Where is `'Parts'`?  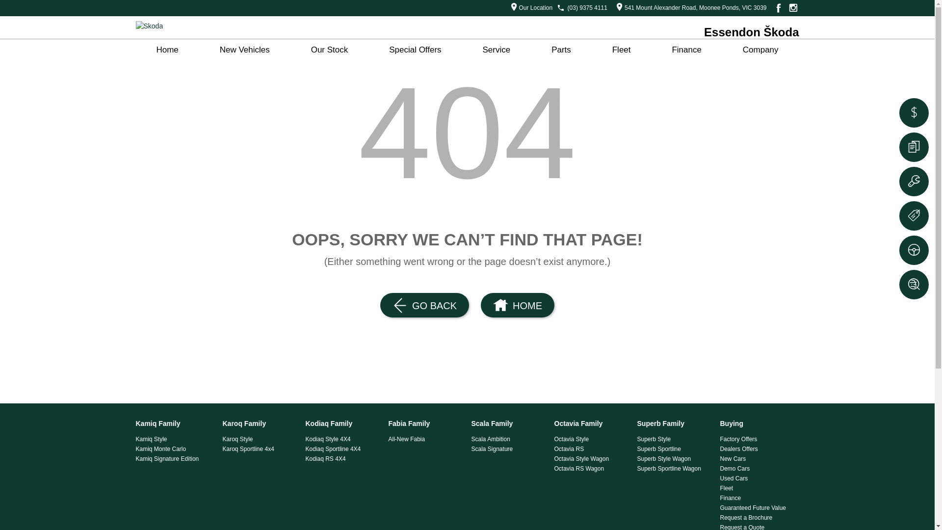
'Parts' is located at coordinates (561, 50).